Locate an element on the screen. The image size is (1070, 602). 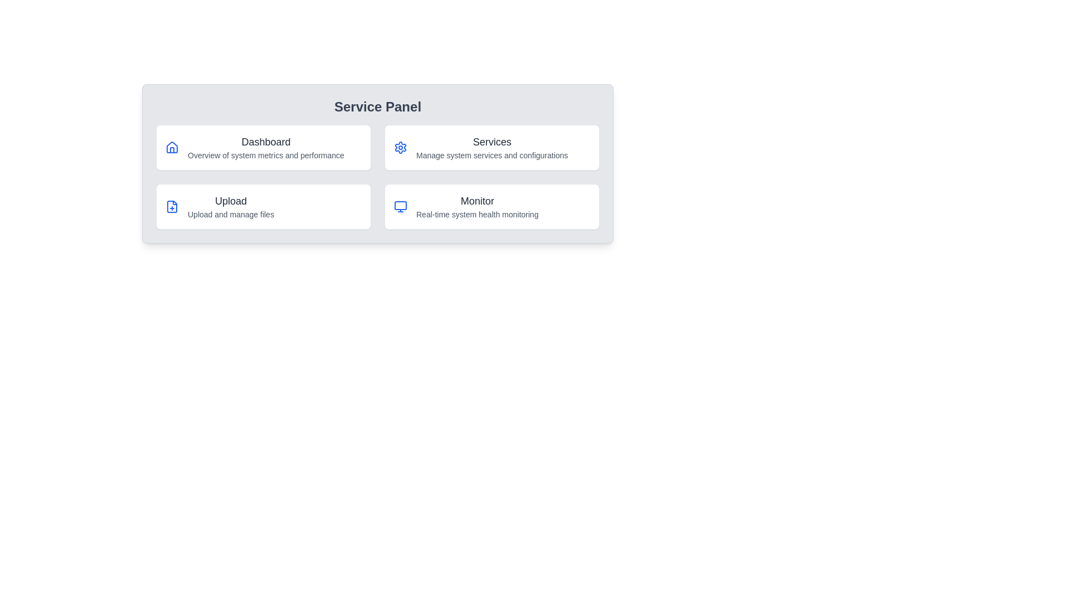
the Text Label in the left-bottom quadrant of the 'Service Panel' section, which is located below the 'Dashboard' card and to the left of the 'Monitor' card is located at coordinates (230, 206).